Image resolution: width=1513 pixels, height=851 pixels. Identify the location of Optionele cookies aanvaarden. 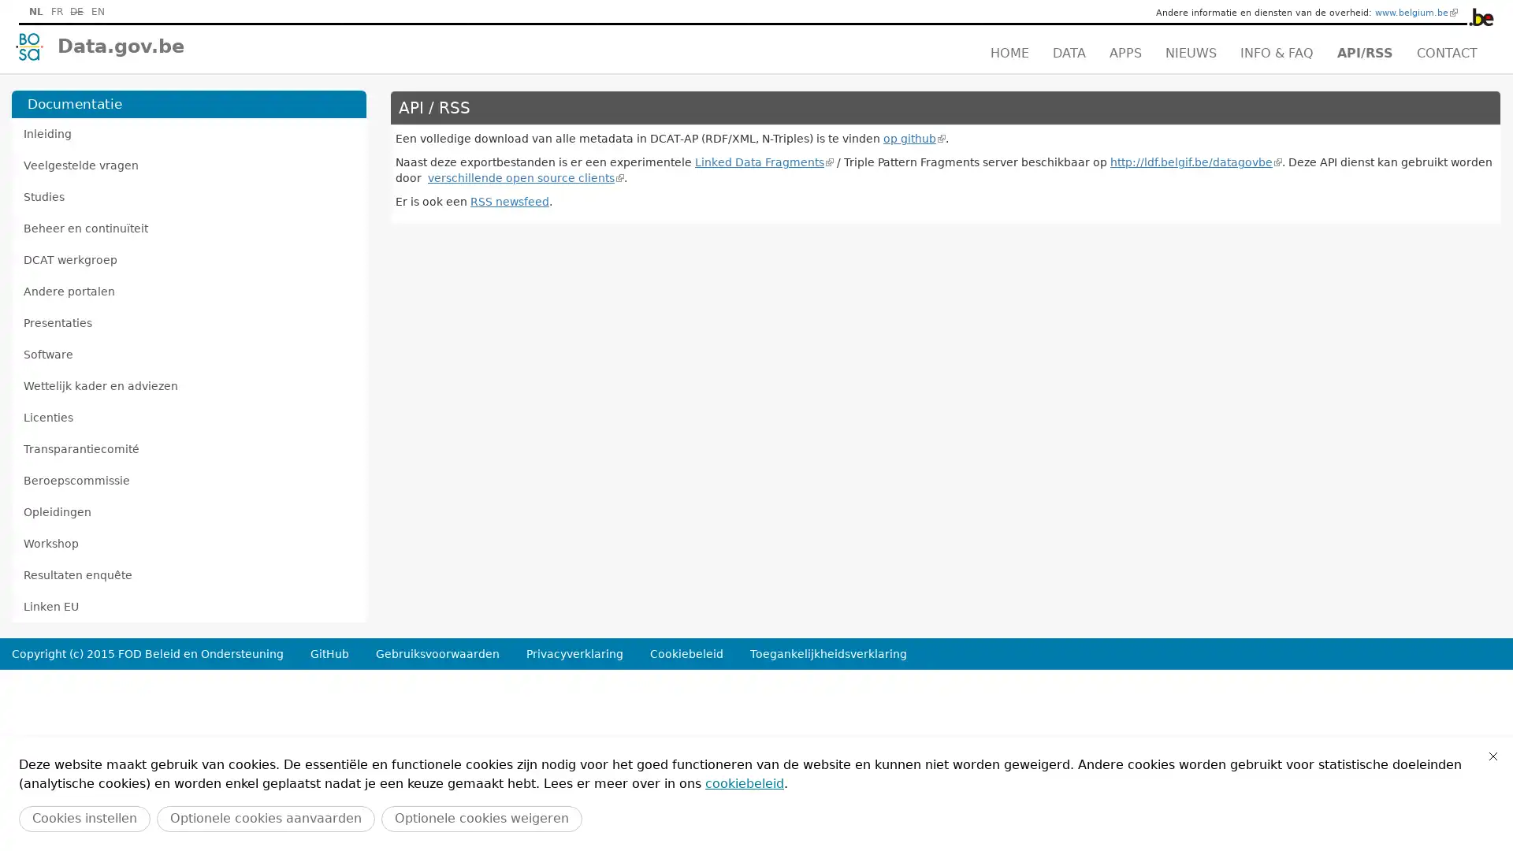
(266, 818).